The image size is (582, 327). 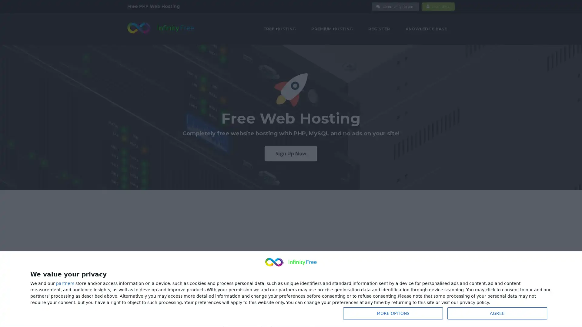 What do you see at coordinates (65, 283) in the screenshot?
I see `partners` at bounding box center [65, 283].